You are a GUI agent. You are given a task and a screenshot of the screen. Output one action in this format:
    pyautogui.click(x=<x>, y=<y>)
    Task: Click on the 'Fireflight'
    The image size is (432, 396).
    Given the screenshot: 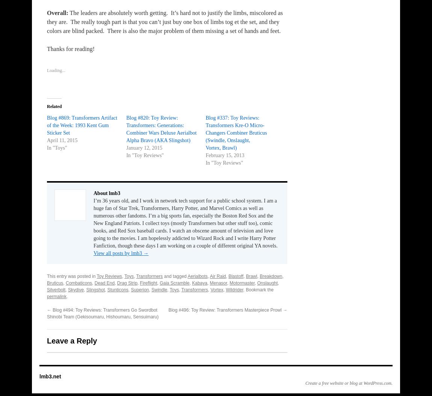 What is the action you would take?
    pyautogui.click(x=148, y=283)
    